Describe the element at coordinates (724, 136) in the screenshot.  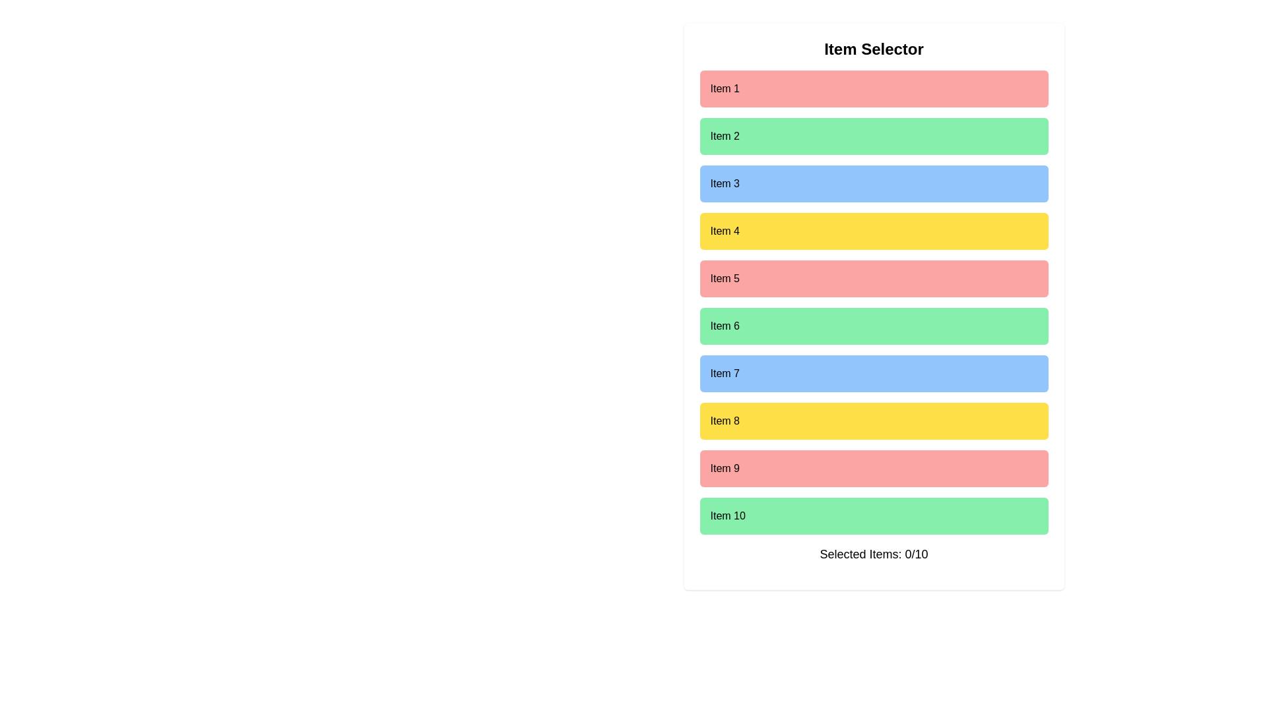
I see `text label 'Item 2' which identifies the second item in the vertical list located centrally in the interface, positioned towards the left side of its green section following the first red section labeled 'Item 1'` at that location.